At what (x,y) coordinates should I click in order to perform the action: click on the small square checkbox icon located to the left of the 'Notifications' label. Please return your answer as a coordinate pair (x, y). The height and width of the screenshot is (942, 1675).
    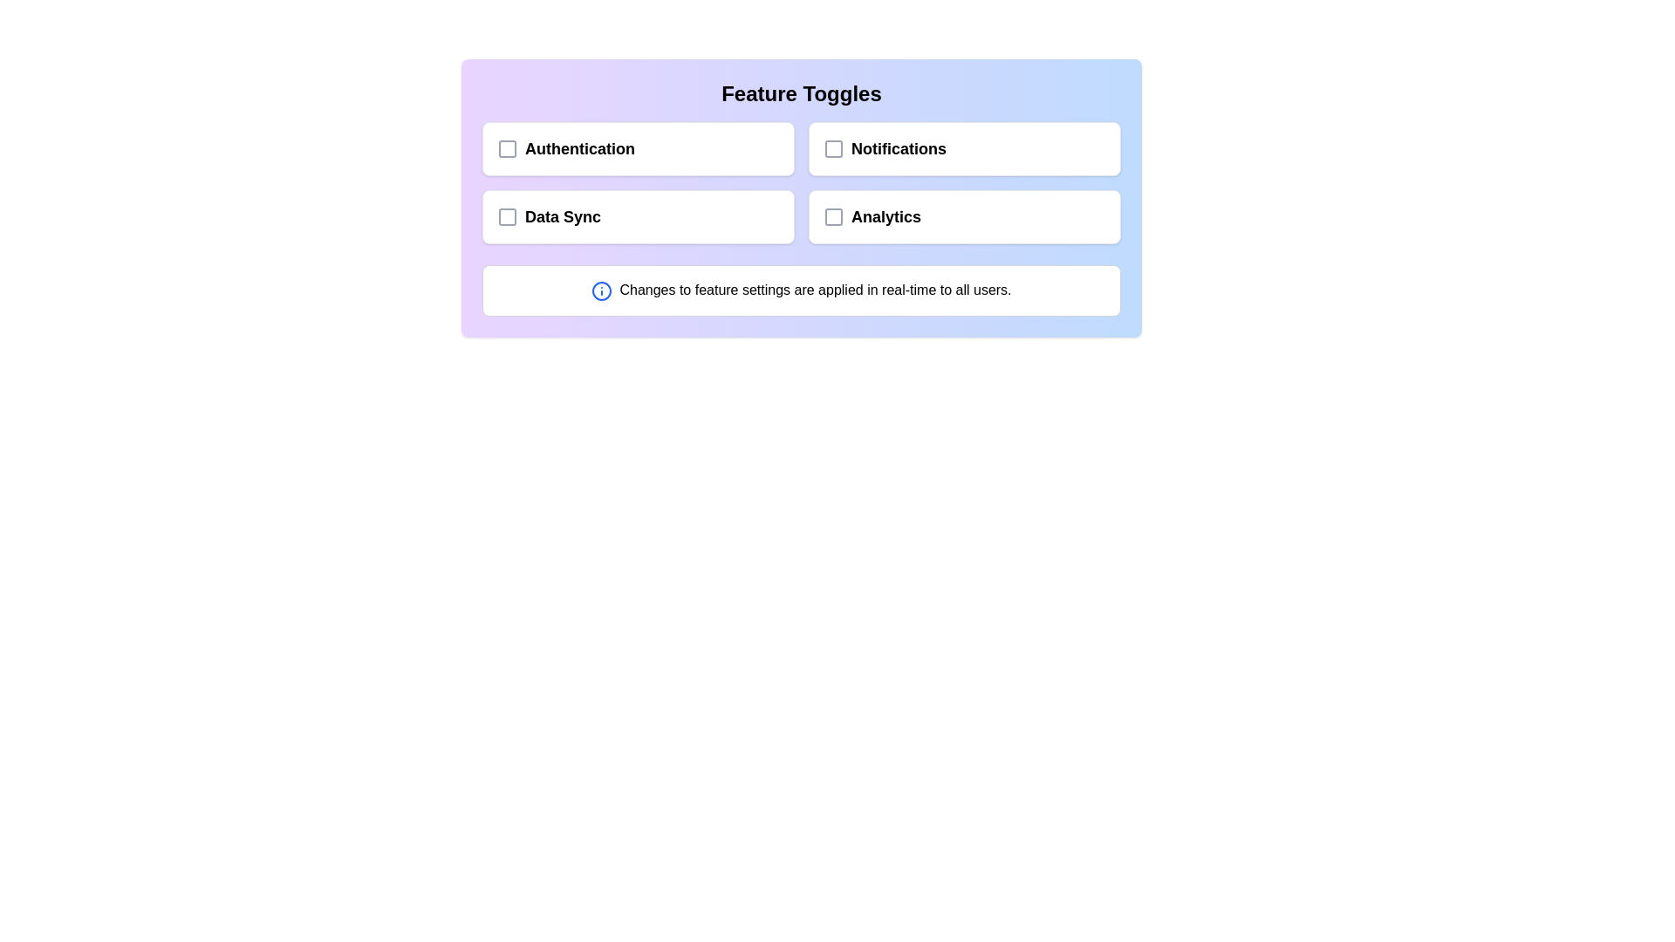
    Looking at the image, I should click on (832, 147).